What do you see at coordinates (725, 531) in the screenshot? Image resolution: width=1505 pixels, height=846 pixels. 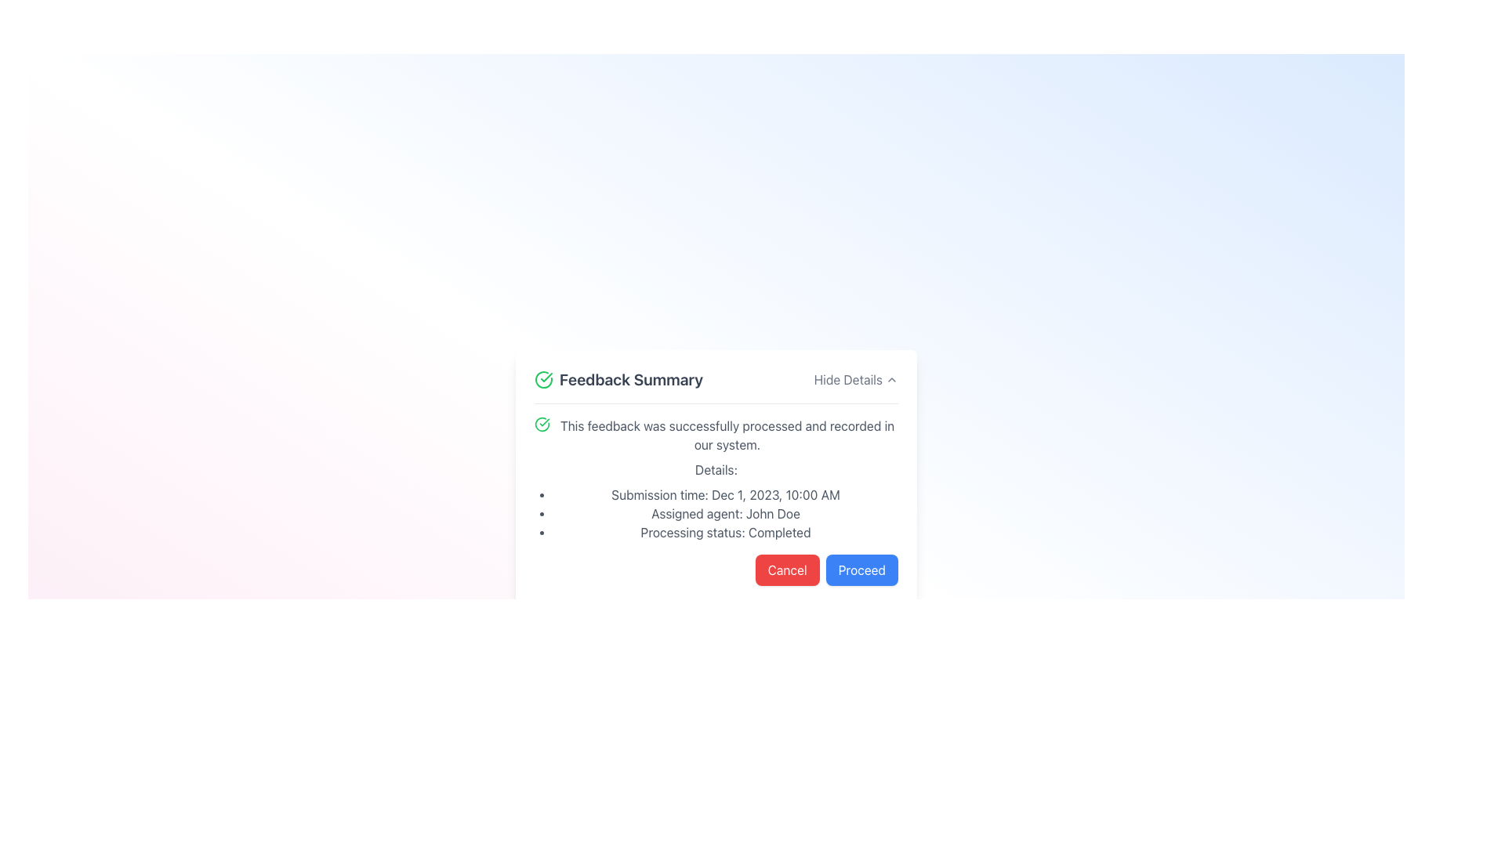 I see `static text 'Processing status: Completed' which is the third item in the bulleted list under 'Details' in the 'Feedback Summary' section` at bounding box center [725, 531].